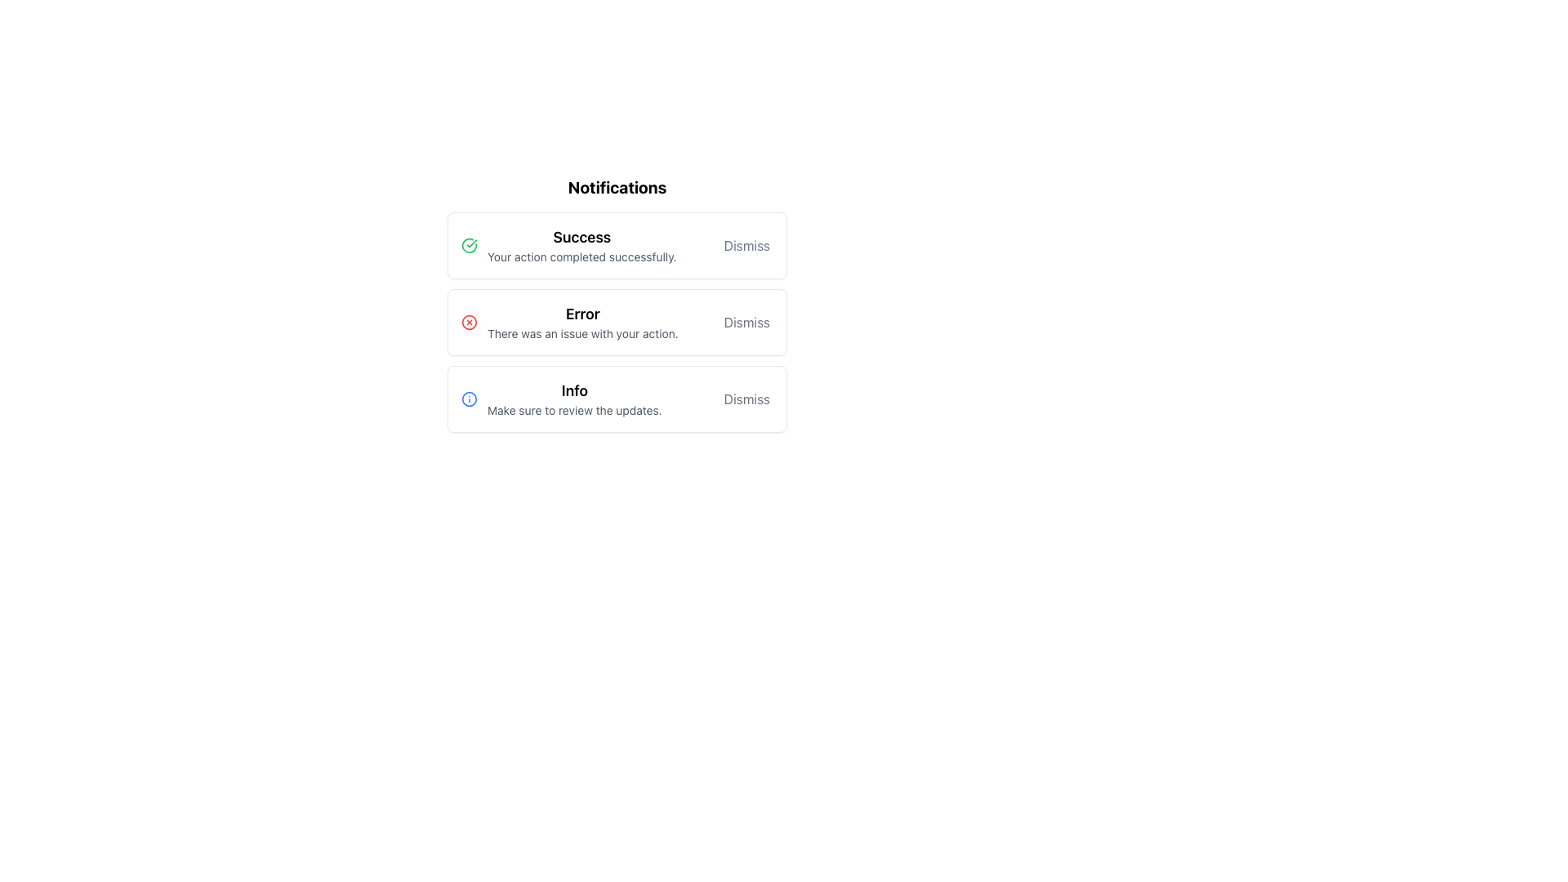 The height and width of the screenshot is (882, 1568). I want to click on static text that states 'Your action completed successfully.' which is located under the bold 'Success' label in the notification card, so click(581, 257).